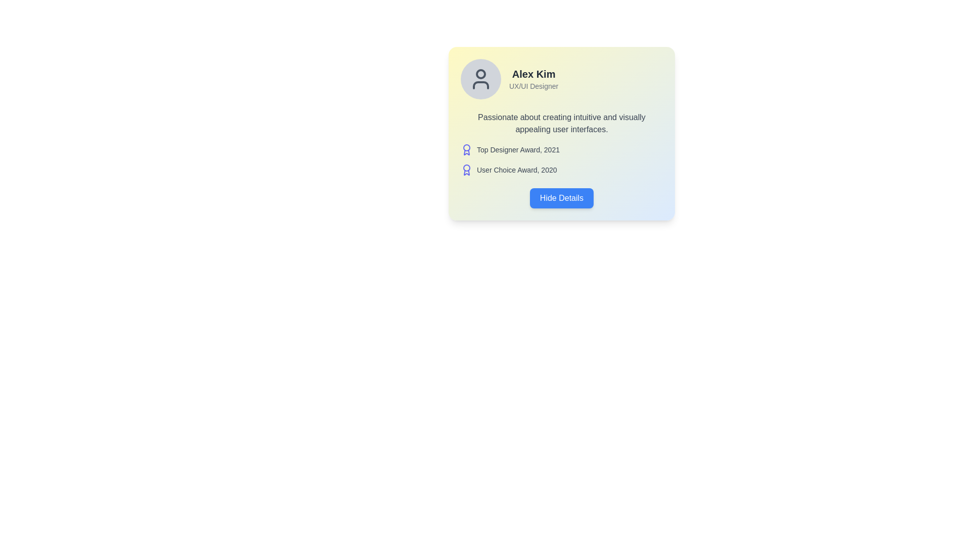  What do you see at coordinates (466, 152) in the screenshot?
I see `the lower ribbon portion of the award icon that visually emphasizes the recognition for 'Top Designer Award, 2021'` at bounding box center [466, 152].